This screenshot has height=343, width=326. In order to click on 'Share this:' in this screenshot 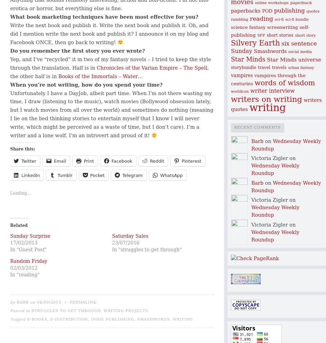, I will do `click(22, 149)`.